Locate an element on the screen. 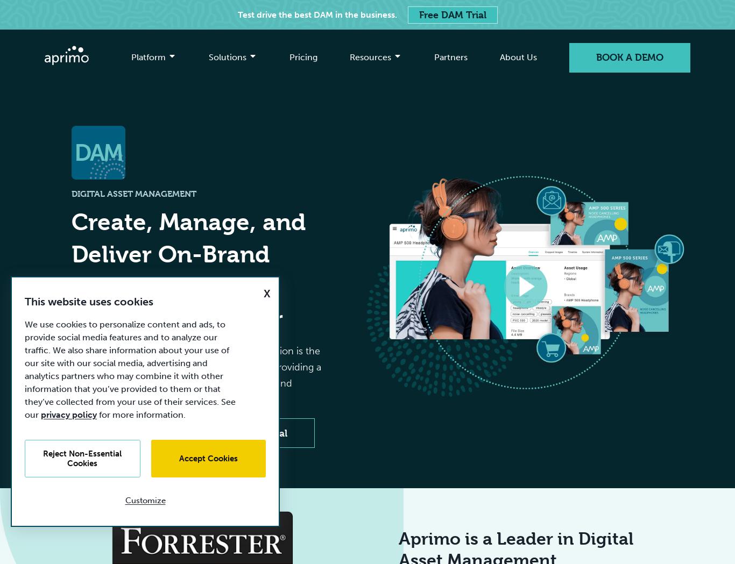 This screenshot has height=564, width=735. 'Digital Experience Teams' is located at coordinates (405, 173).